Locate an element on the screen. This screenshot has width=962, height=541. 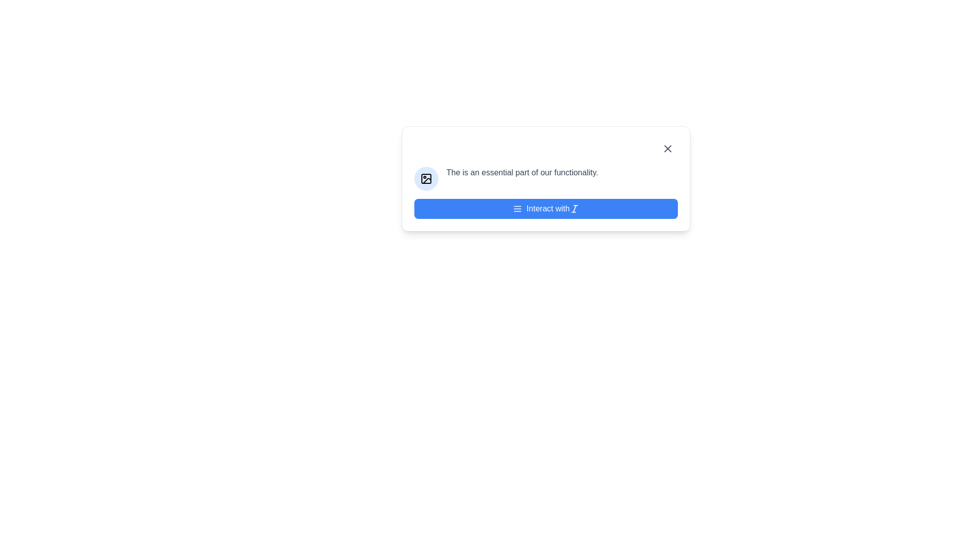
the Menu icon located on the left edge of the blue button labeled 'Interact with' is located at coordinates (517, 208).